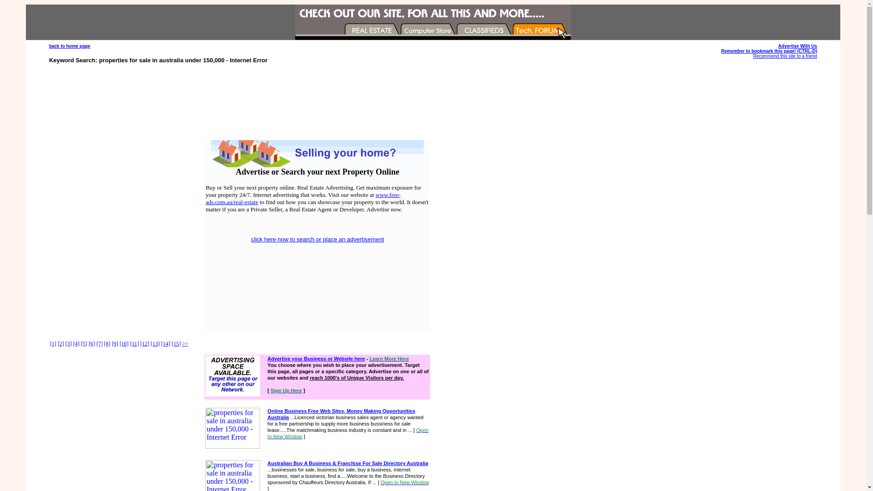 The image size is (873, 491). Describe the element at coordinates (404, 481) in the screenshot. I see `'Open In New Window'` at that location.